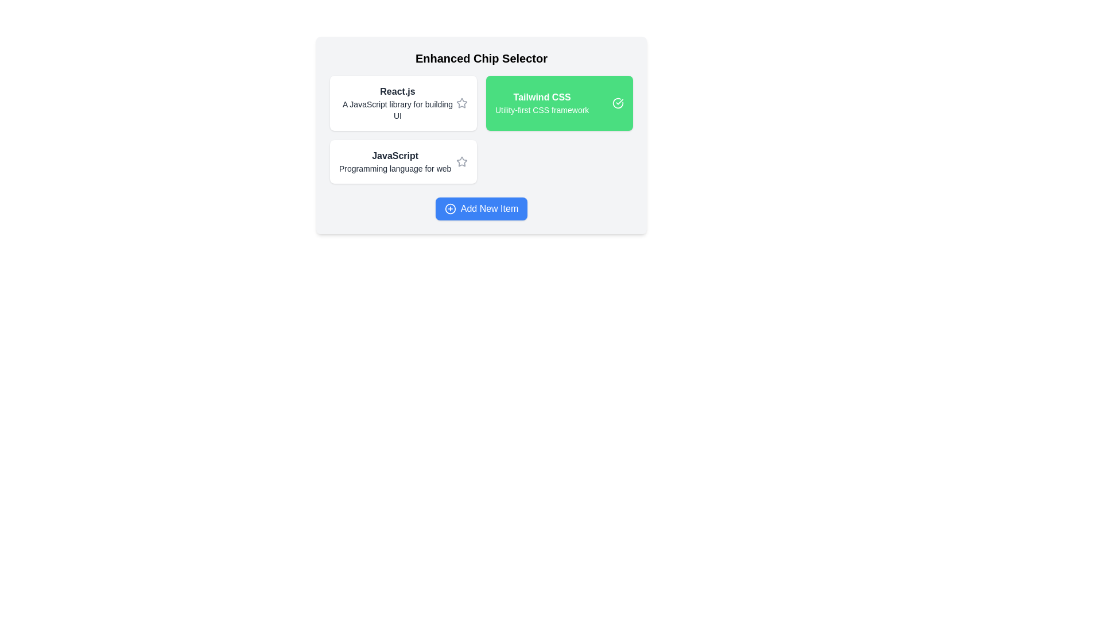  Describe the element at coordinates (541, 110) in the screenshot. I see `the static text label that provides descriptive information about the 'Tailwind CSS' chip, located below the 'Tailwind CSS' text inside a green rectangular box in the top-right corner of the chip group` at that location.